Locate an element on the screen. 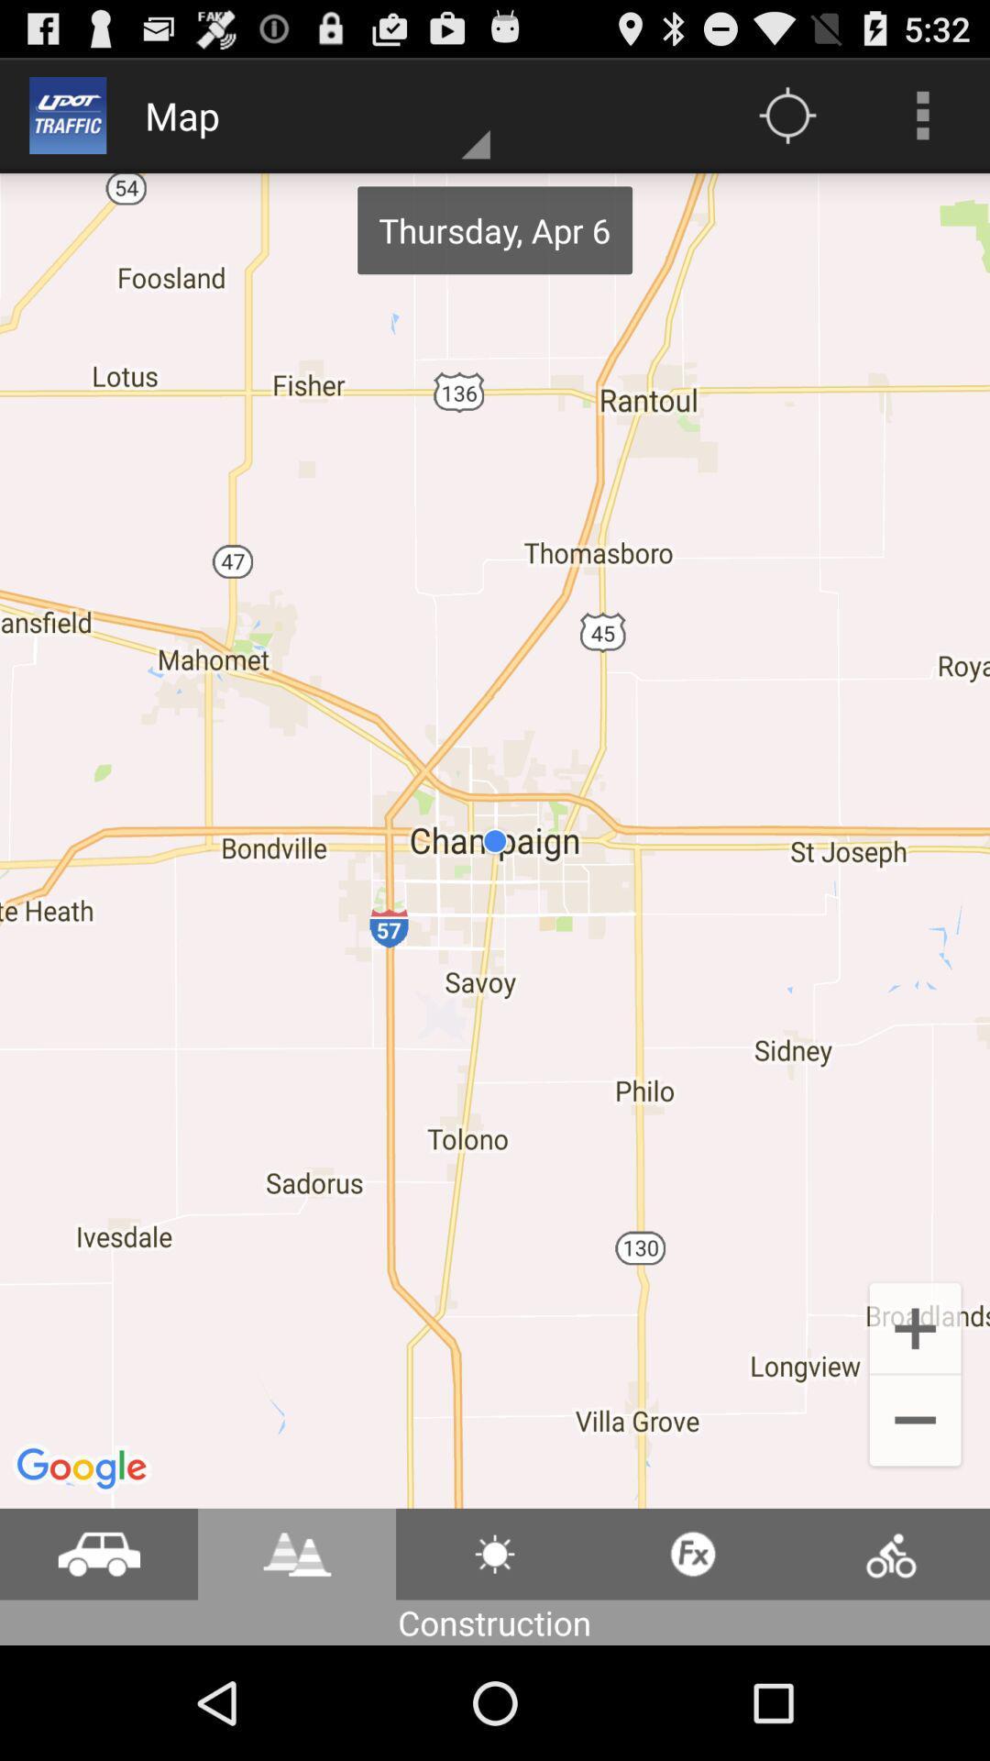 The image size is (990, 1761). the add icon is located at coordinates (915, 1419).